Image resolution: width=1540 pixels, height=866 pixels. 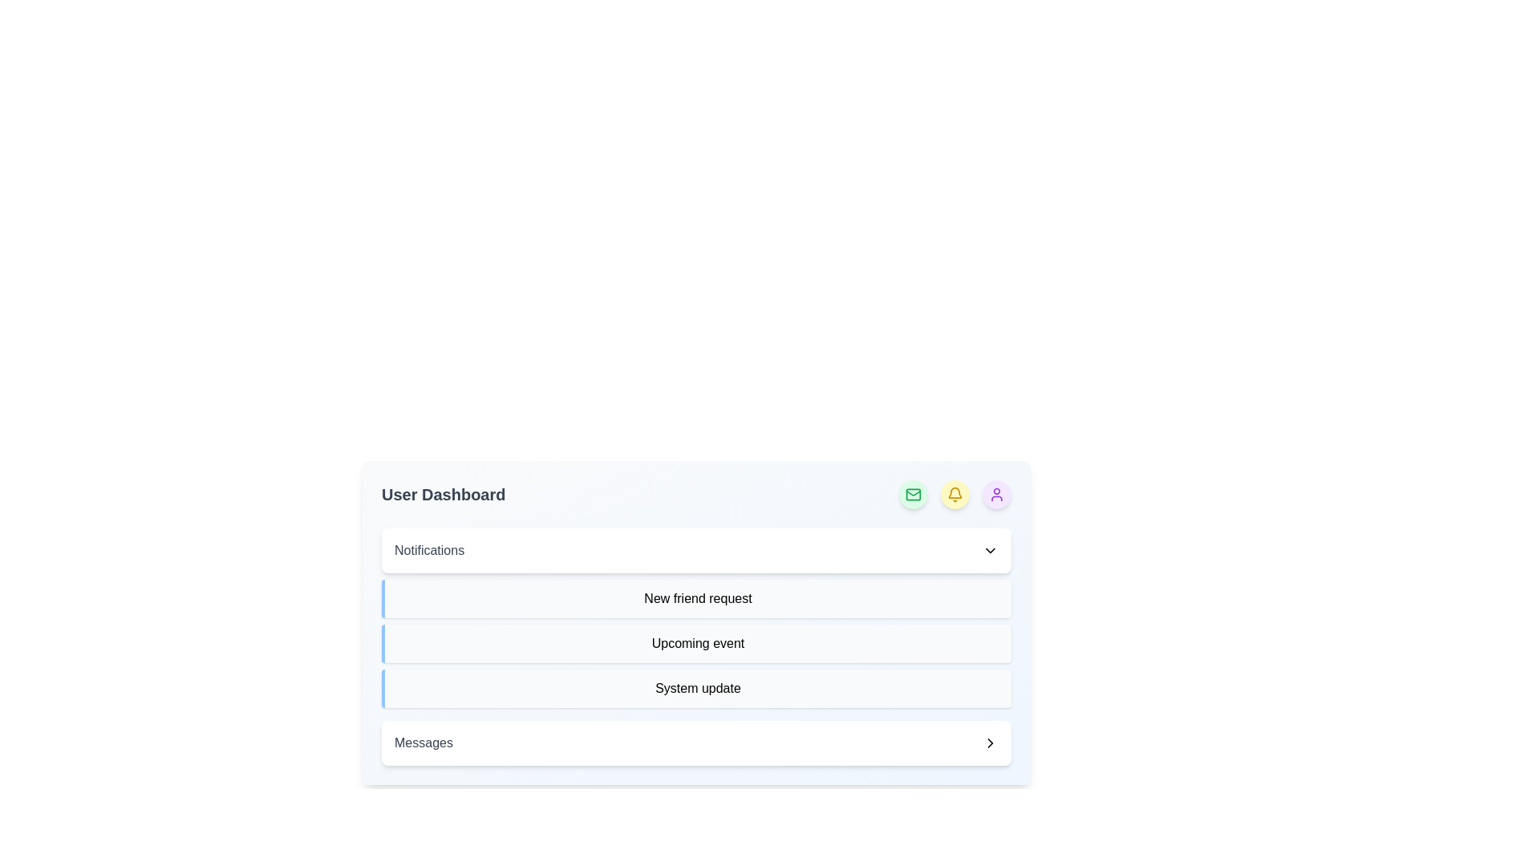 I want to click on the user profile SVG icon located in the top-right corner of the User Dashboard interface, so click(x=996, y=494).